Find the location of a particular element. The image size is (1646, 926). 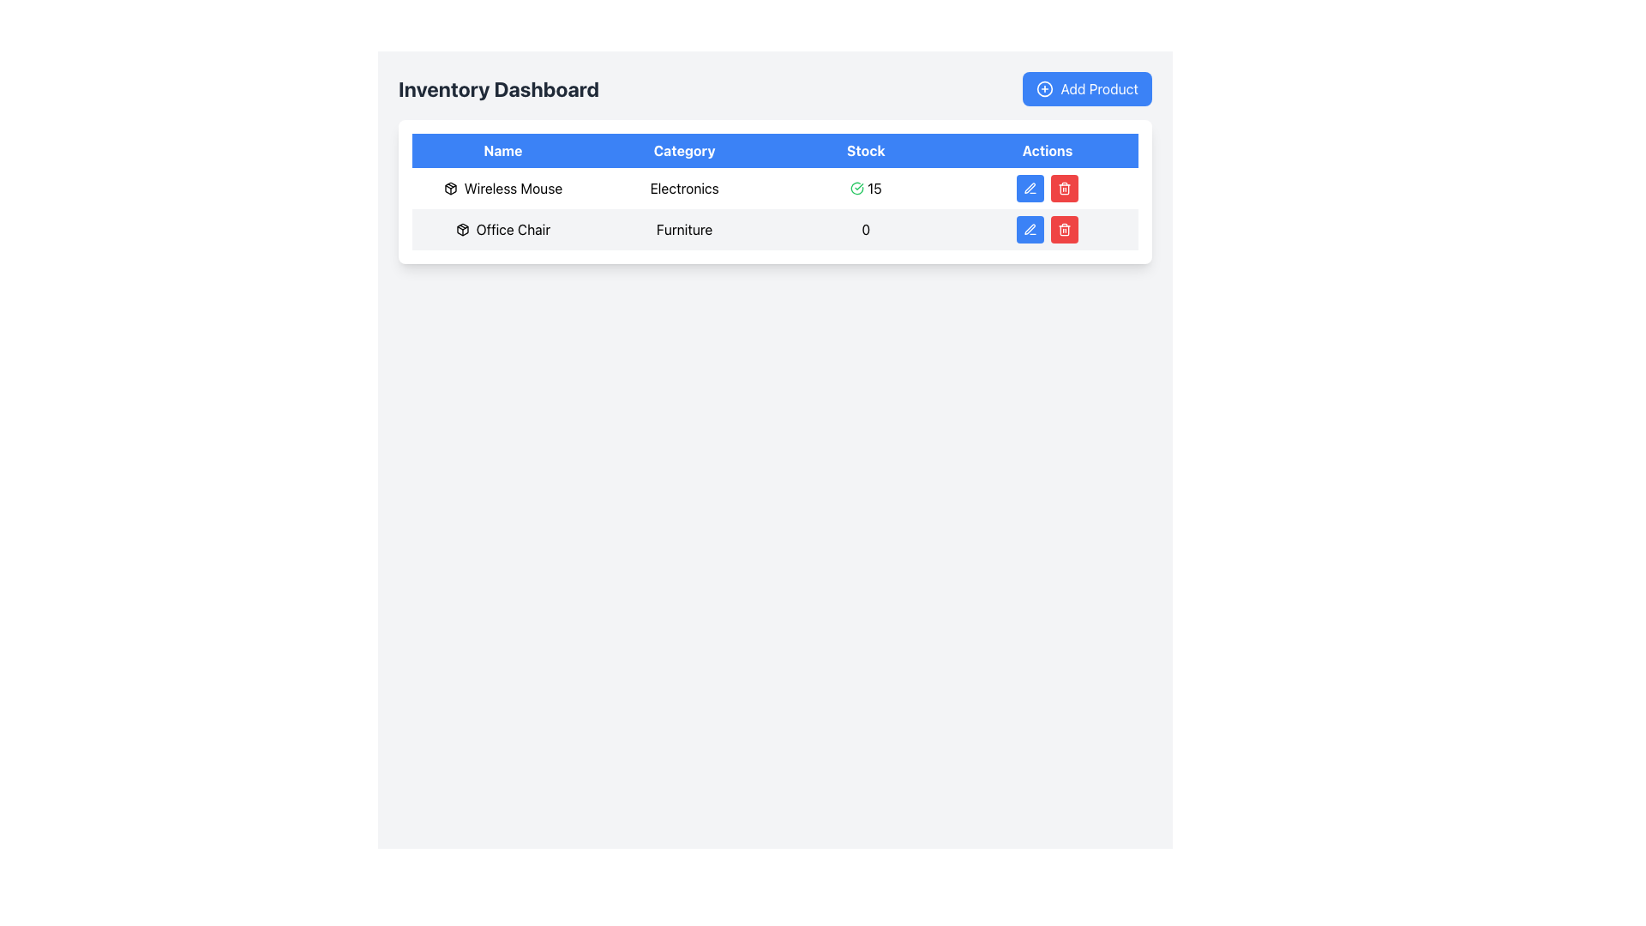

the delete button located in the button group of the second row under the 'Actions' column is located at coordinates (1047, 228).